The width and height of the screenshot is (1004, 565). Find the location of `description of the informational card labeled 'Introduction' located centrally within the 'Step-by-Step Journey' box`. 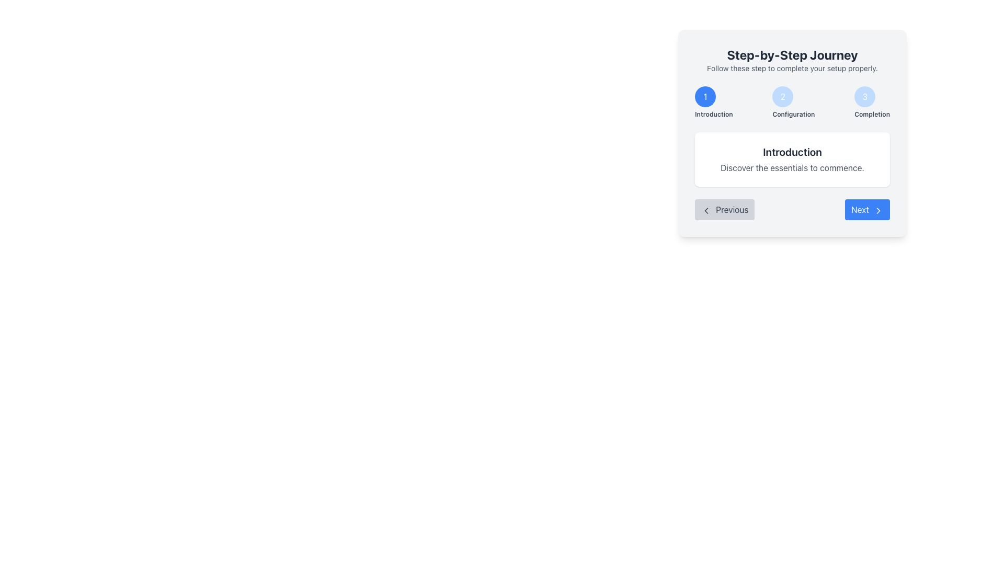

description of the informational card labeled 'Introduction' located centrally within the 'Step-by-Step Journey' box is located at coordinates (792, 159).